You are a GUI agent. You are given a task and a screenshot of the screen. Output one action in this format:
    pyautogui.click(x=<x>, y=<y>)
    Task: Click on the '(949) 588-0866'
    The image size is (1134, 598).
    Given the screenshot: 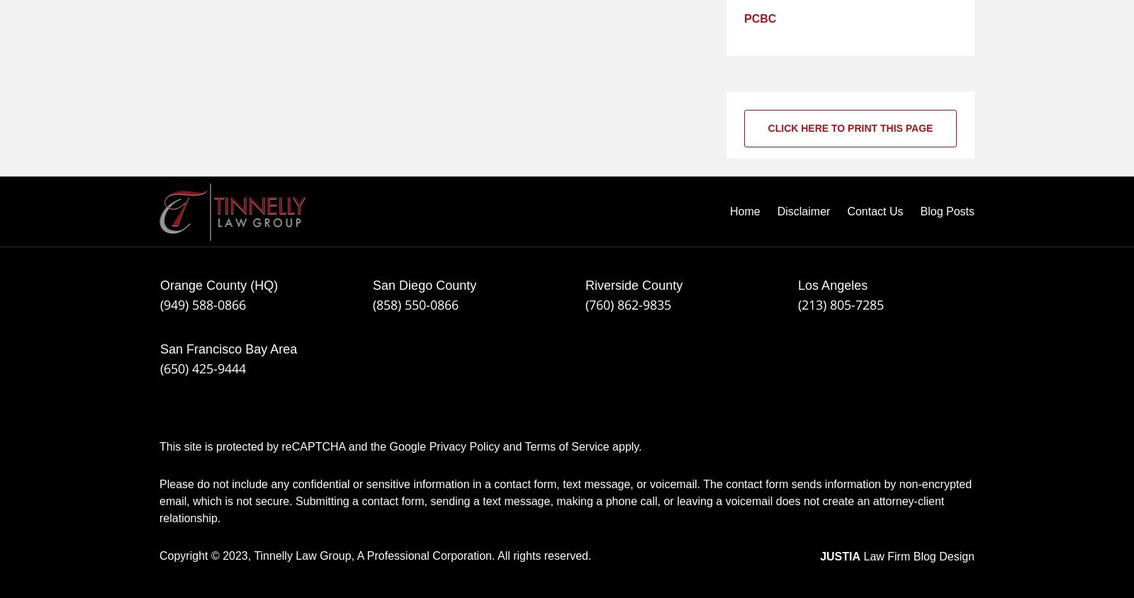 What is the action you would take?
    pyautogui.click(x=203, y=304)
    